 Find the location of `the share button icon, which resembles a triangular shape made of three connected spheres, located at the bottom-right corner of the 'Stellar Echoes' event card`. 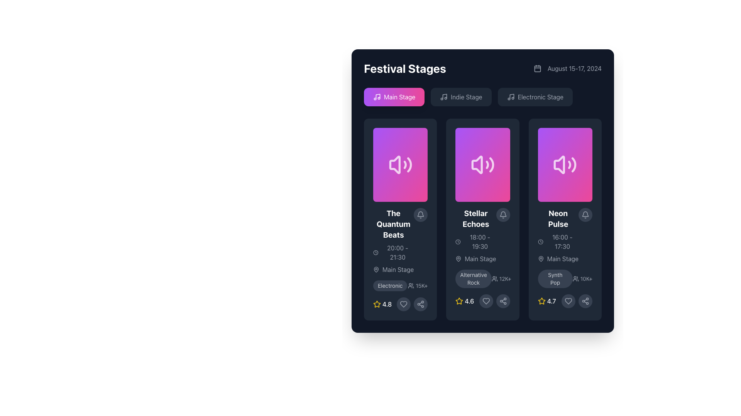

the share button icon, which resembles a triangular shape made of three connected spheres, located at the bottom-right corner of the 'Stellar Echoes' event card is located at coordinates (503, 301).